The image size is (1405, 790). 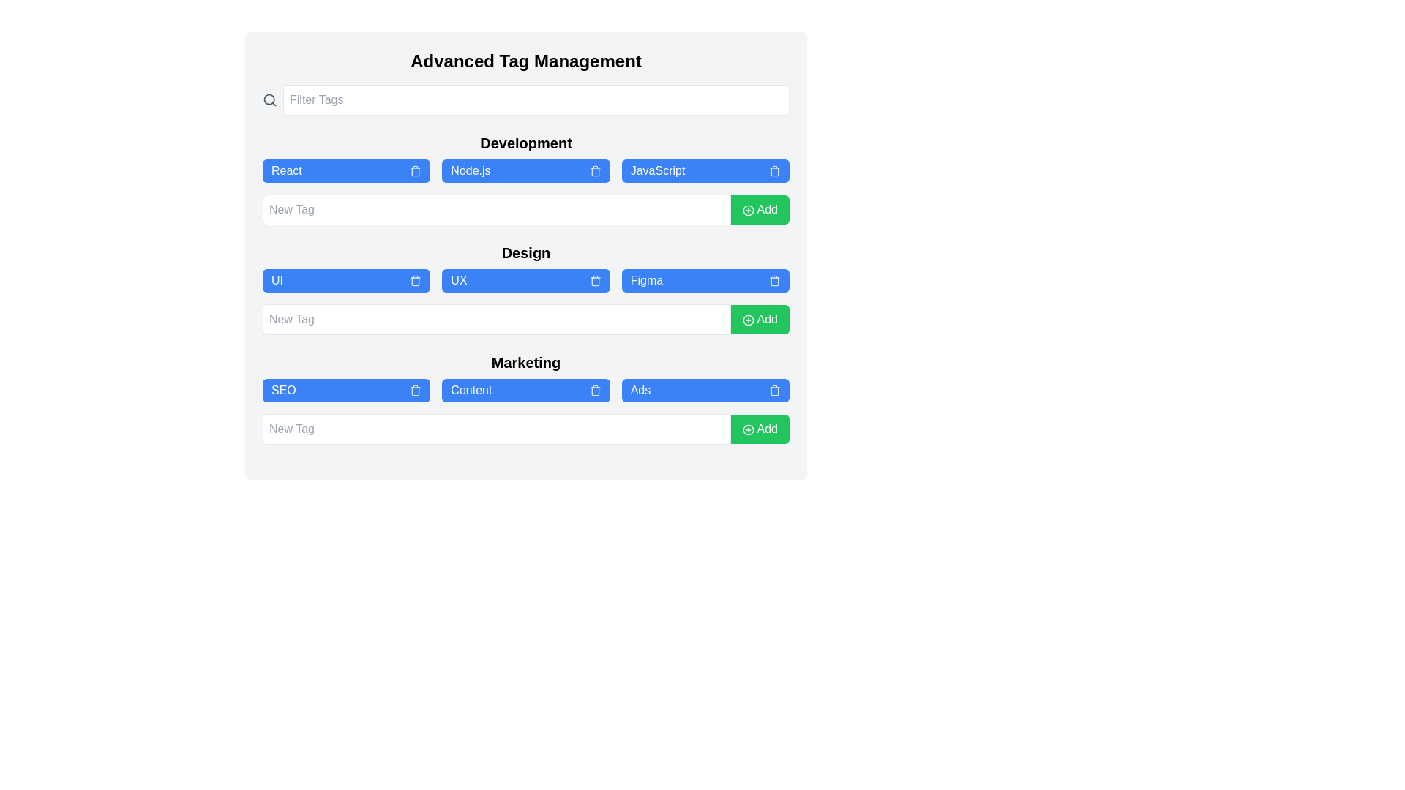 I want to click on the 'JavaScript' tag button located in the 'Development' section of the grid layout, so click(x=705, y=170).